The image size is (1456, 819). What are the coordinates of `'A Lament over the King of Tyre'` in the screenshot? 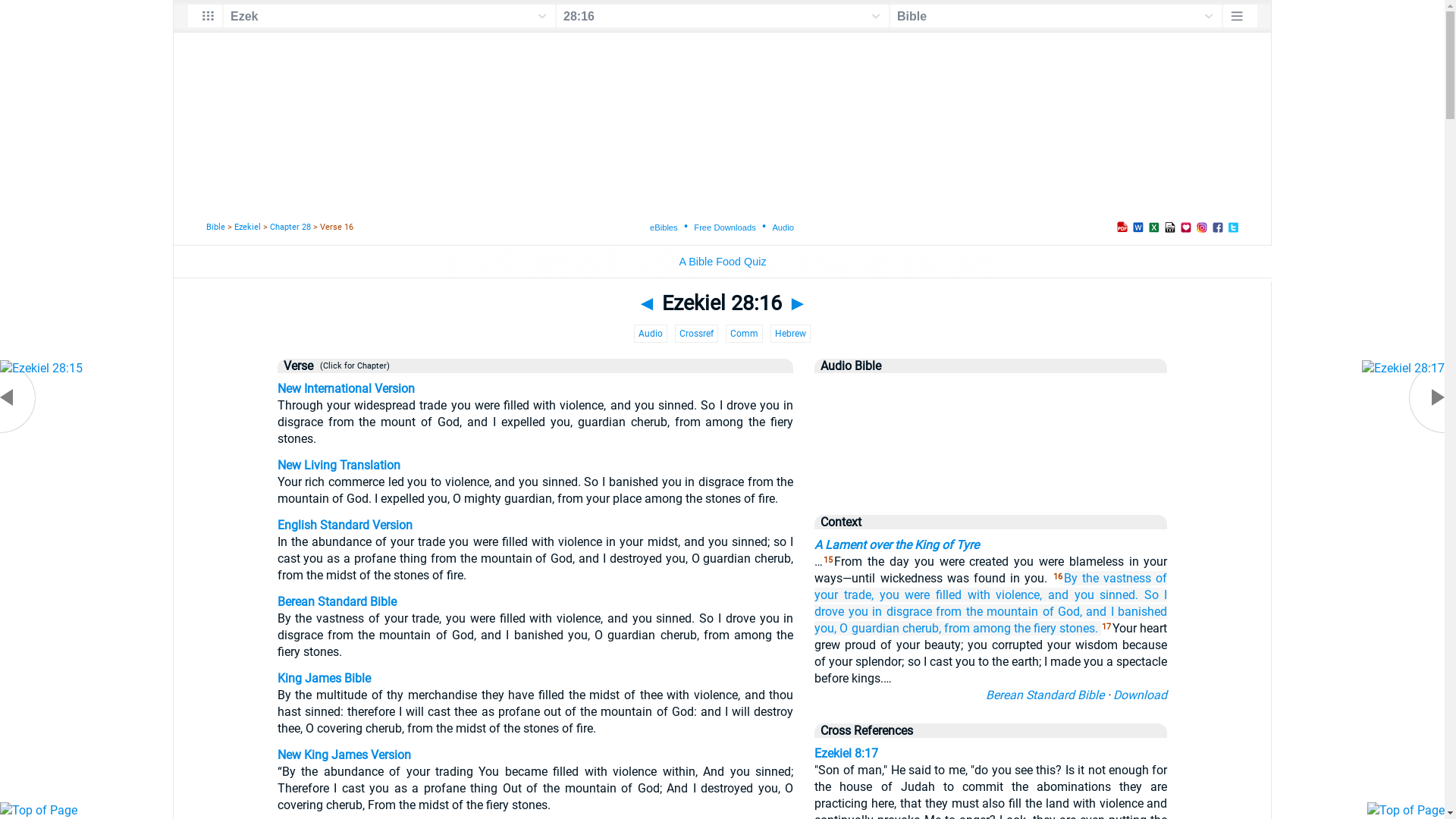 It's located at (896, 544).